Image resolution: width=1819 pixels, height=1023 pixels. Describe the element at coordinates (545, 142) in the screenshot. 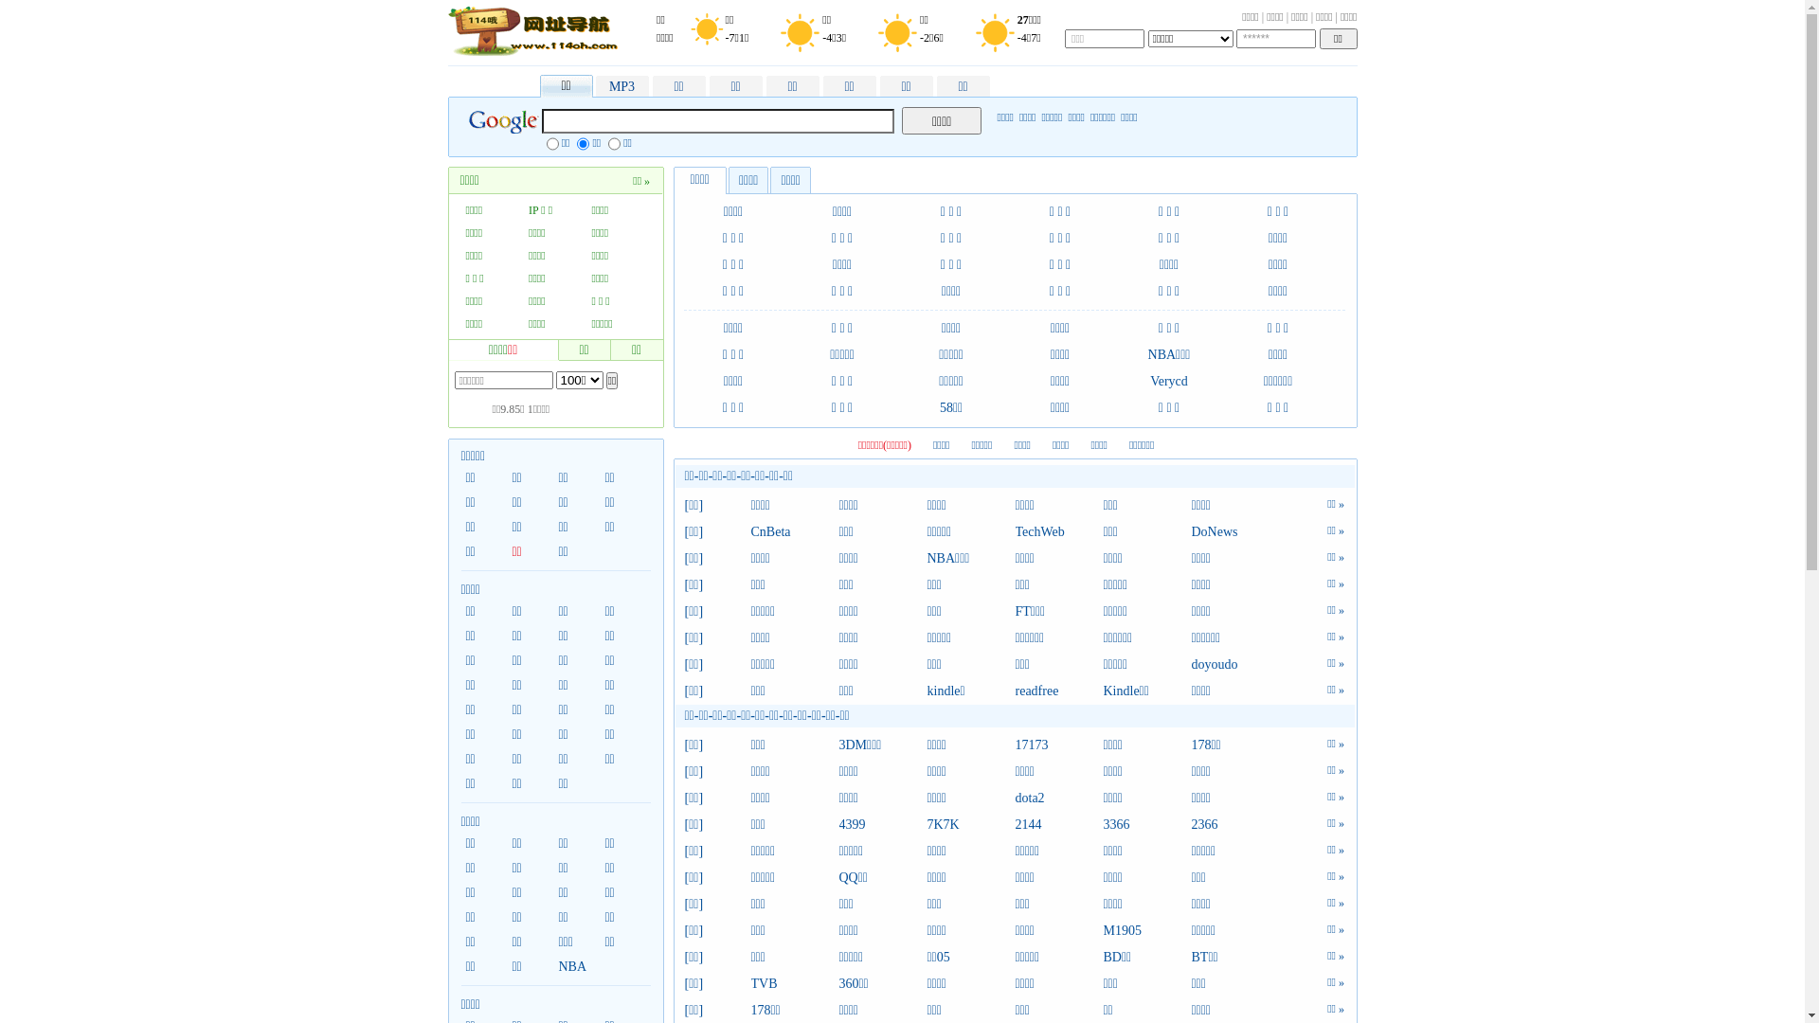

I see `'on'` at that location.